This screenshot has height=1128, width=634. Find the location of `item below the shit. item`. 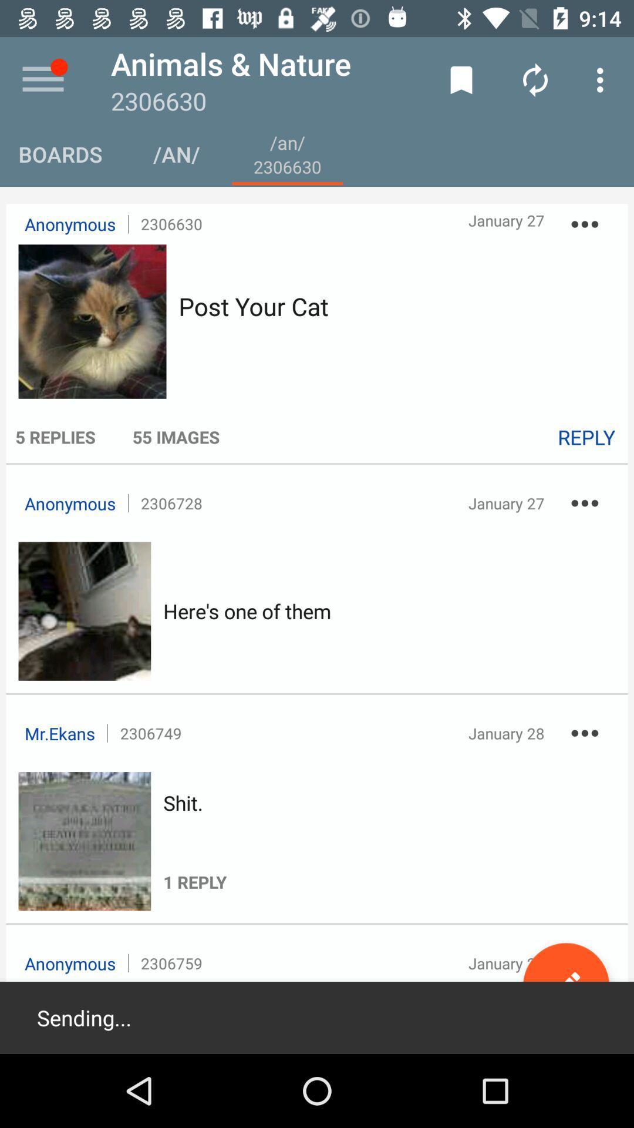

item below the shit. item is located at coordinates (194, 855).